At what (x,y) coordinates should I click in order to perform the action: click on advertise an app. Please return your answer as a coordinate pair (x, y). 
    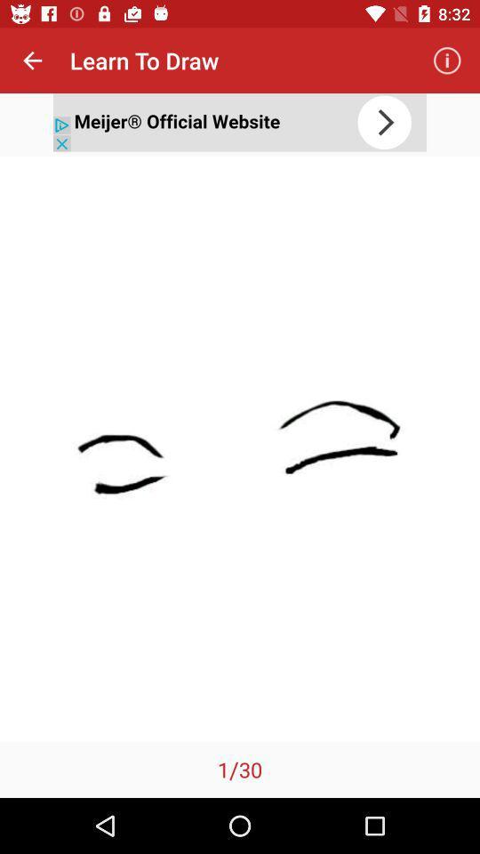
    Looking at the image, I should click on (240, 121).